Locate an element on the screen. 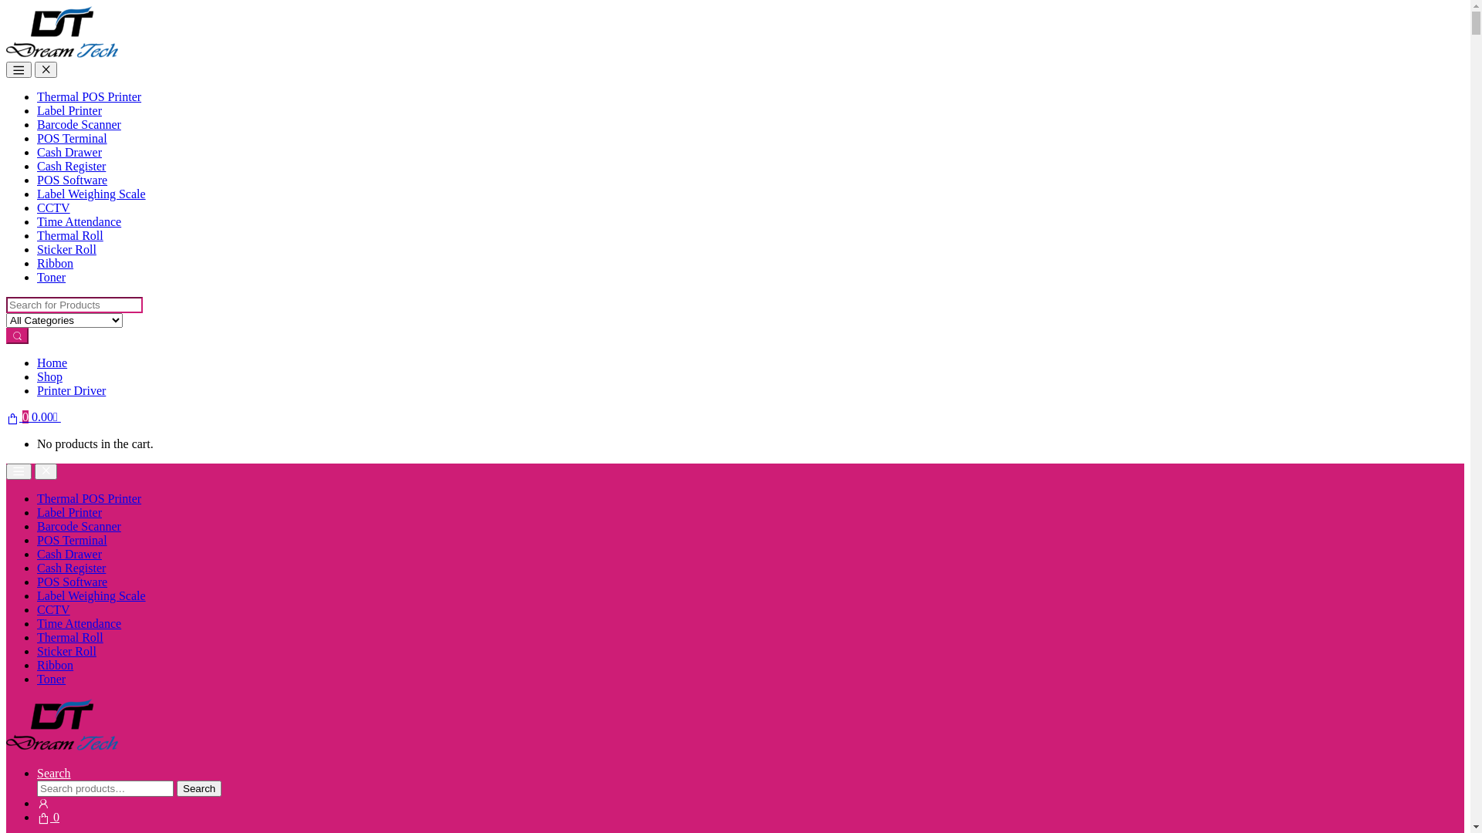 The image size is (1482, 833). 'Sticker Roll' is located at coordinates (66, 248).